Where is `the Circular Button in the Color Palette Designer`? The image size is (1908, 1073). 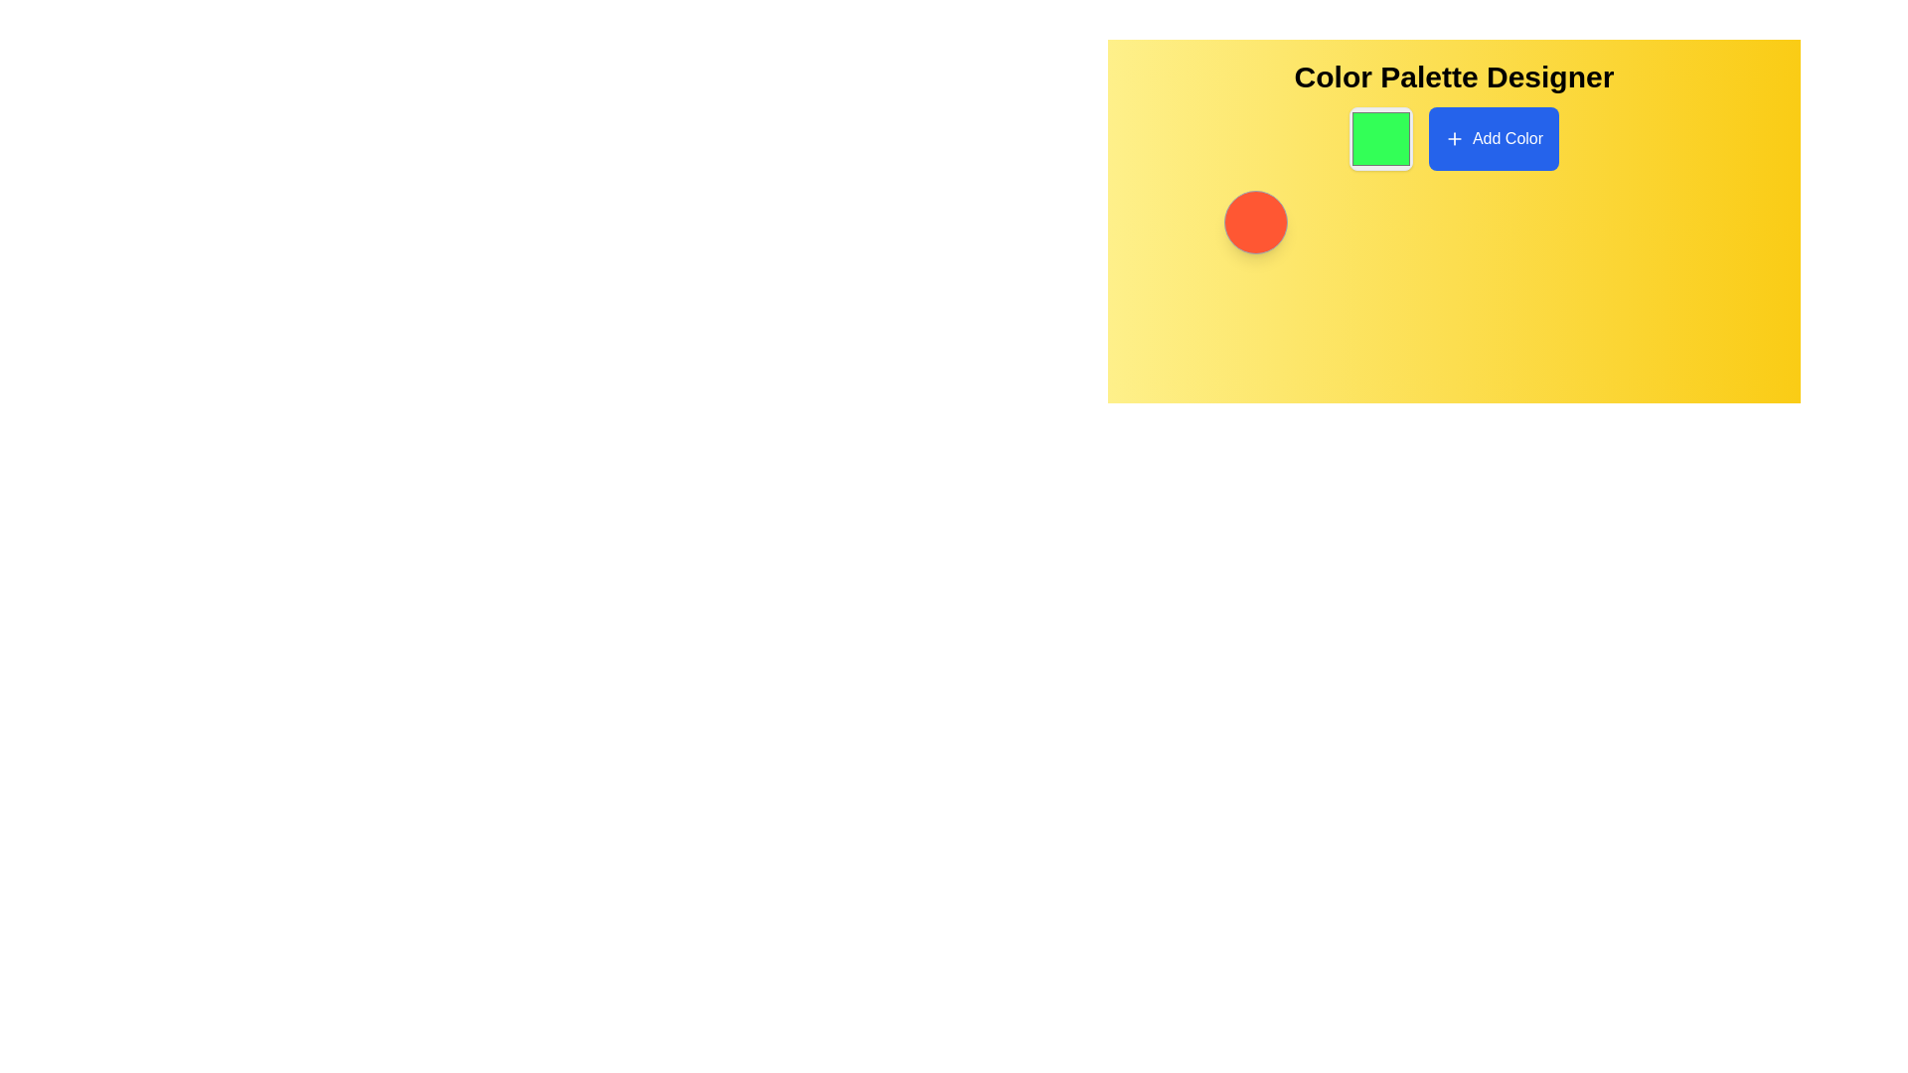
the Circular Button in the Color Palette Designer is located at coordinates (1254, 222).